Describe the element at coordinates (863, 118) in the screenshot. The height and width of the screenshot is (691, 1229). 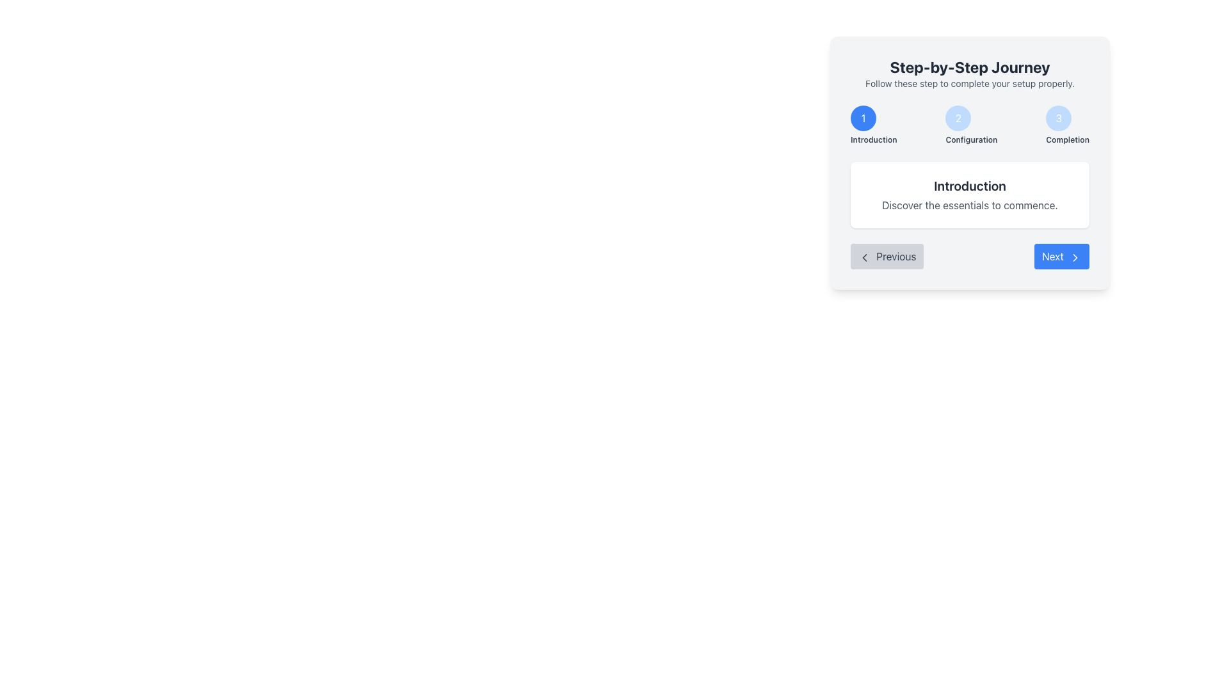
I see `the circular blue button with a white '1' inside, located at the leftmost position under 'Step-by-Step Journey'` at that location.